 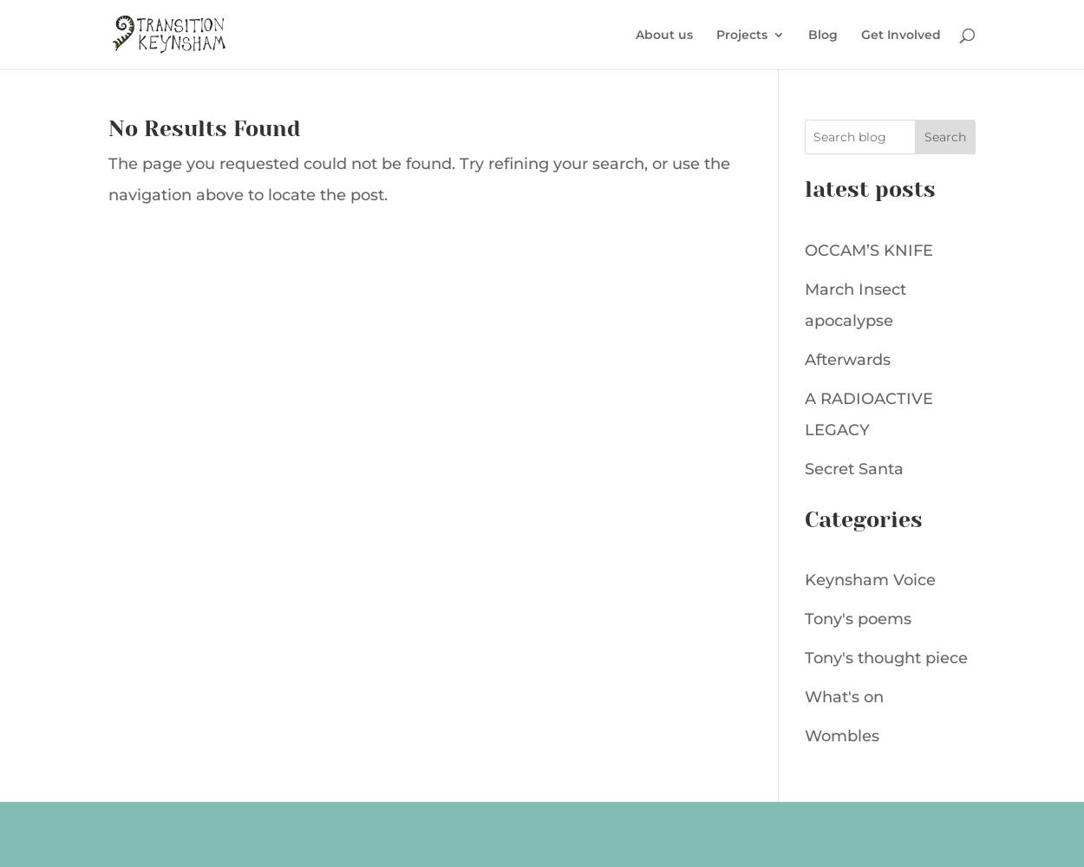 I want to click on 'Get Involved', so click(x=901, y=35).